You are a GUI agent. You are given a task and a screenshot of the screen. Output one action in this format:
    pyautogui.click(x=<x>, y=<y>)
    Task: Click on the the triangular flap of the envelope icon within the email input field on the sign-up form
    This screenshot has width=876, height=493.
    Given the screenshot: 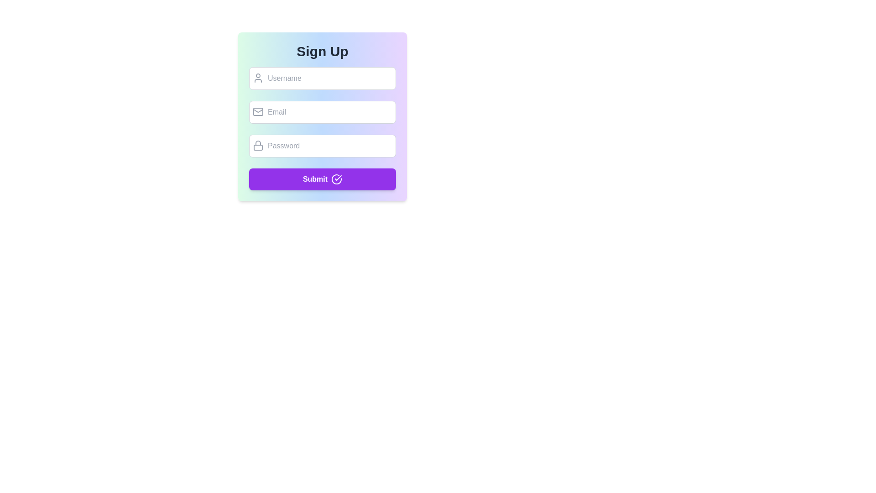 What is the action you would take?
    pyautogui.click(x=258, y=110)
    